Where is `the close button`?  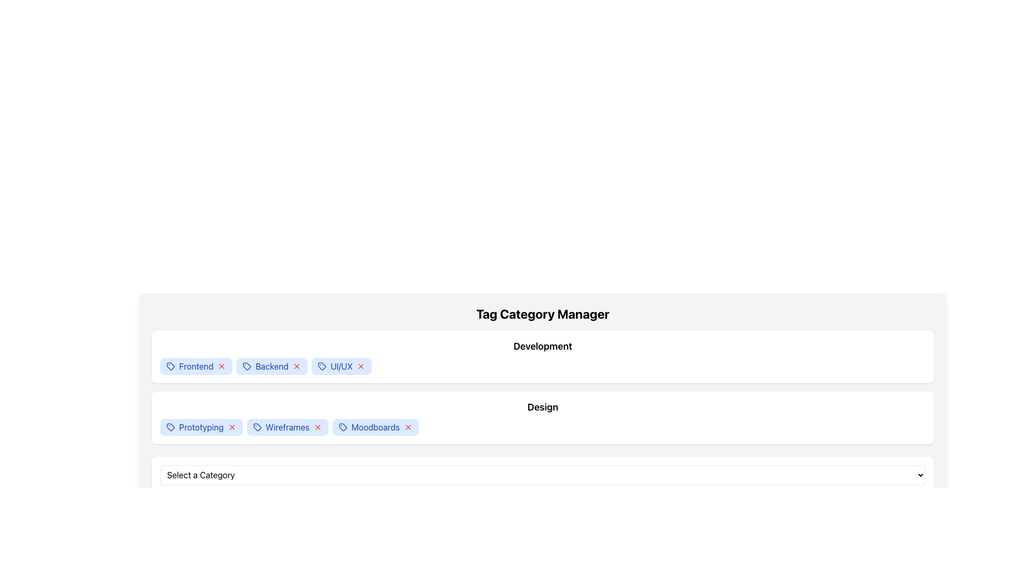
the close button is located at coordinates (361, 366).